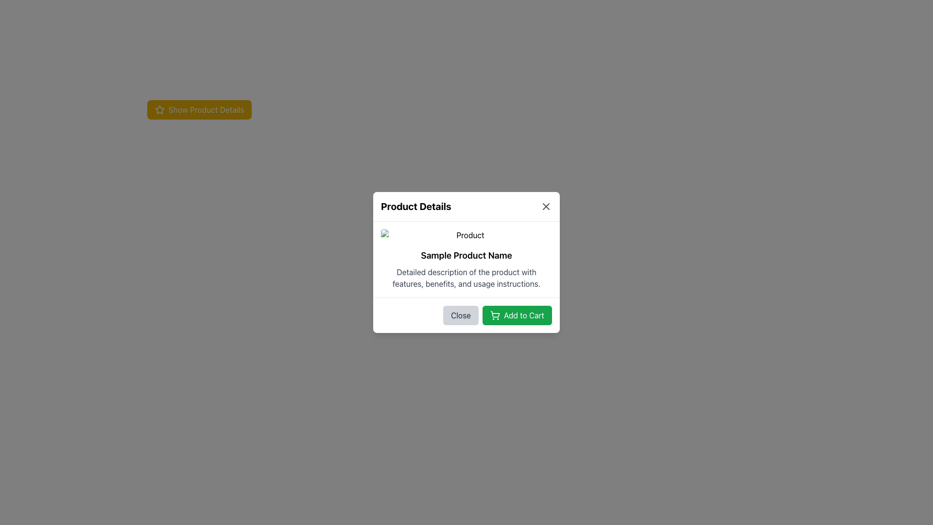 This screenshot has width=933, height=525. Describe the element at coordinates (546, 206) in the screenshot. I see `the small 'X' shaped icon located at the top-right corner of the 'Product Details' modal` at that location.